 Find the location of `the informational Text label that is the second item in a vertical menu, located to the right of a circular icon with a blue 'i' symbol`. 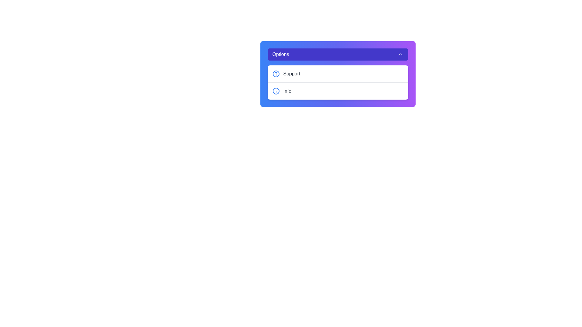

the informational Text label that is the second item in a vertical menu, located to the right of a circular icon with a blue 'i' symbol is located at coordinates (287, 91).